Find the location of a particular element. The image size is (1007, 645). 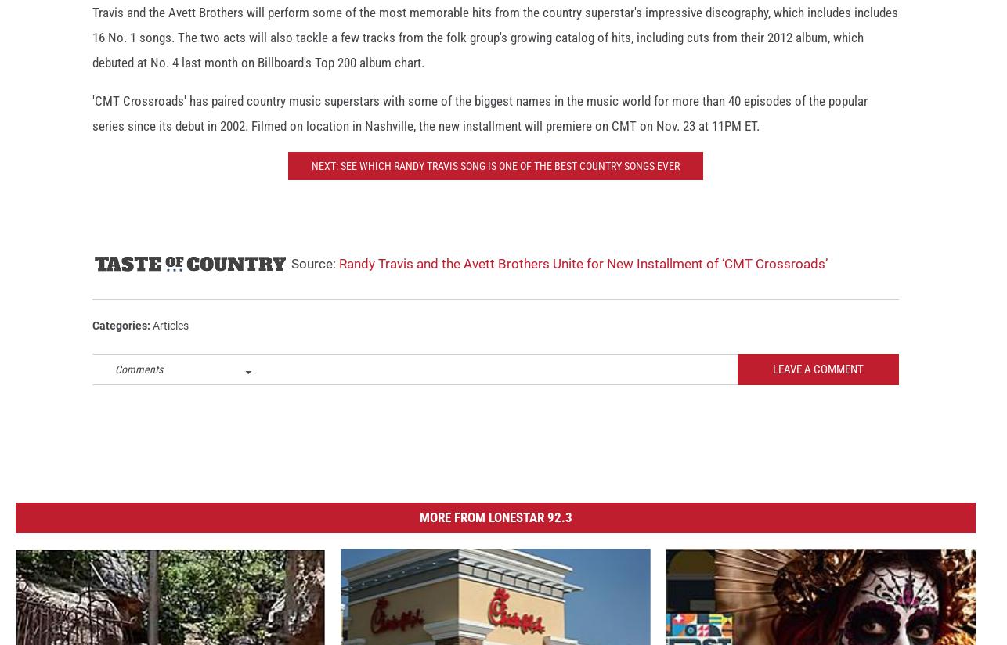

'Comments' is located at coordinates (139, 383).